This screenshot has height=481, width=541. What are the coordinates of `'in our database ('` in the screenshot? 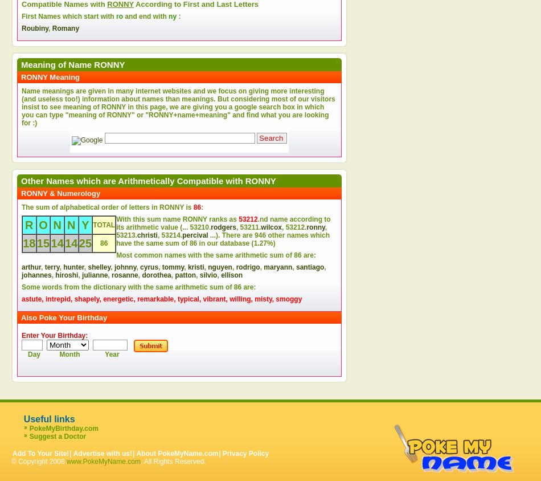 It's located at (224, 242).